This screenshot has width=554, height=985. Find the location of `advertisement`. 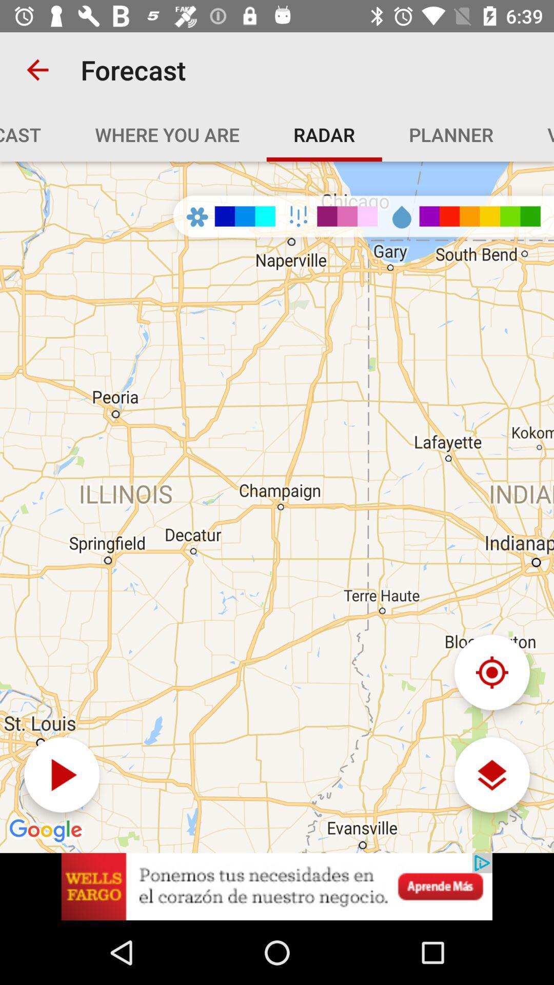

advertisement is located at coordinates (277, 886).